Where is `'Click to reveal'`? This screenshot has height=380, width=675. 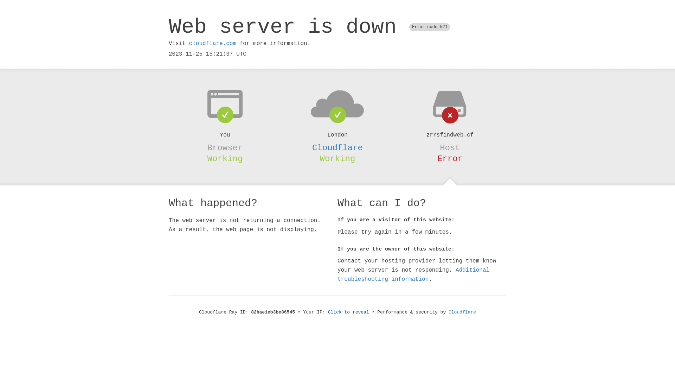
'Click to reveal' is located at coordinates (348, 312).